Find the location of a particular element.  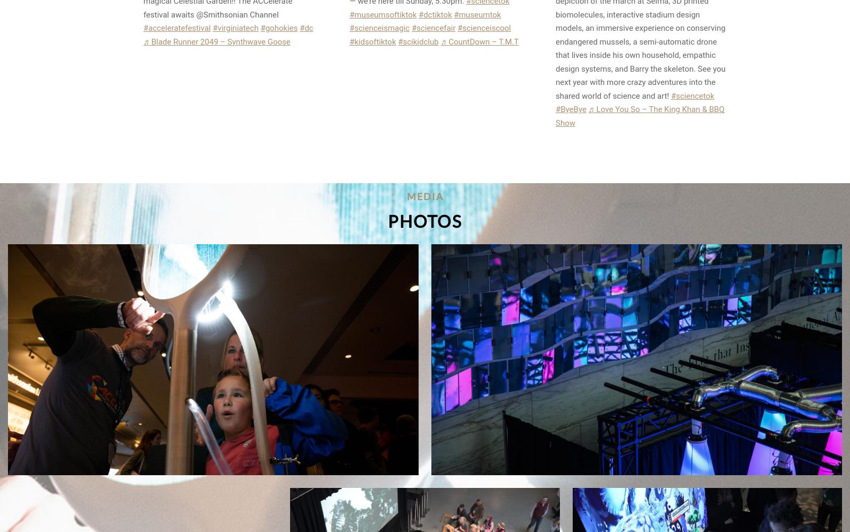

'#gohokies' is located at coordinates (278, 28).